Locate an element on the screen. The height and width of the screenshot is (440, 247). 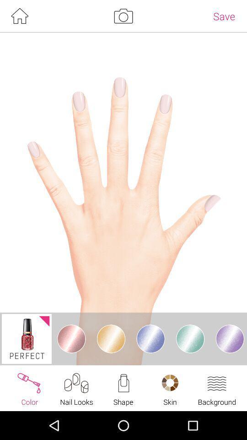
the save is located at coordinates (224, 16).